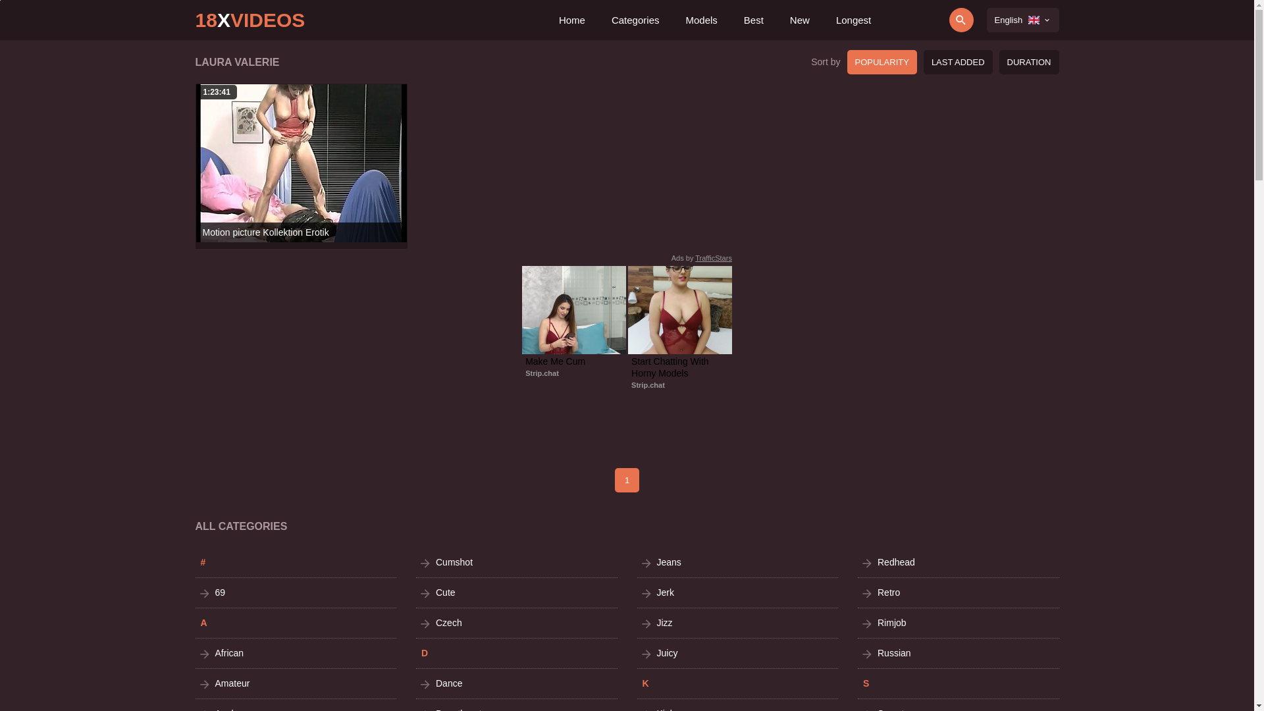 The width and height of the screenshot is (1264, 711). I want to click on 'Home', so click(571, 20).